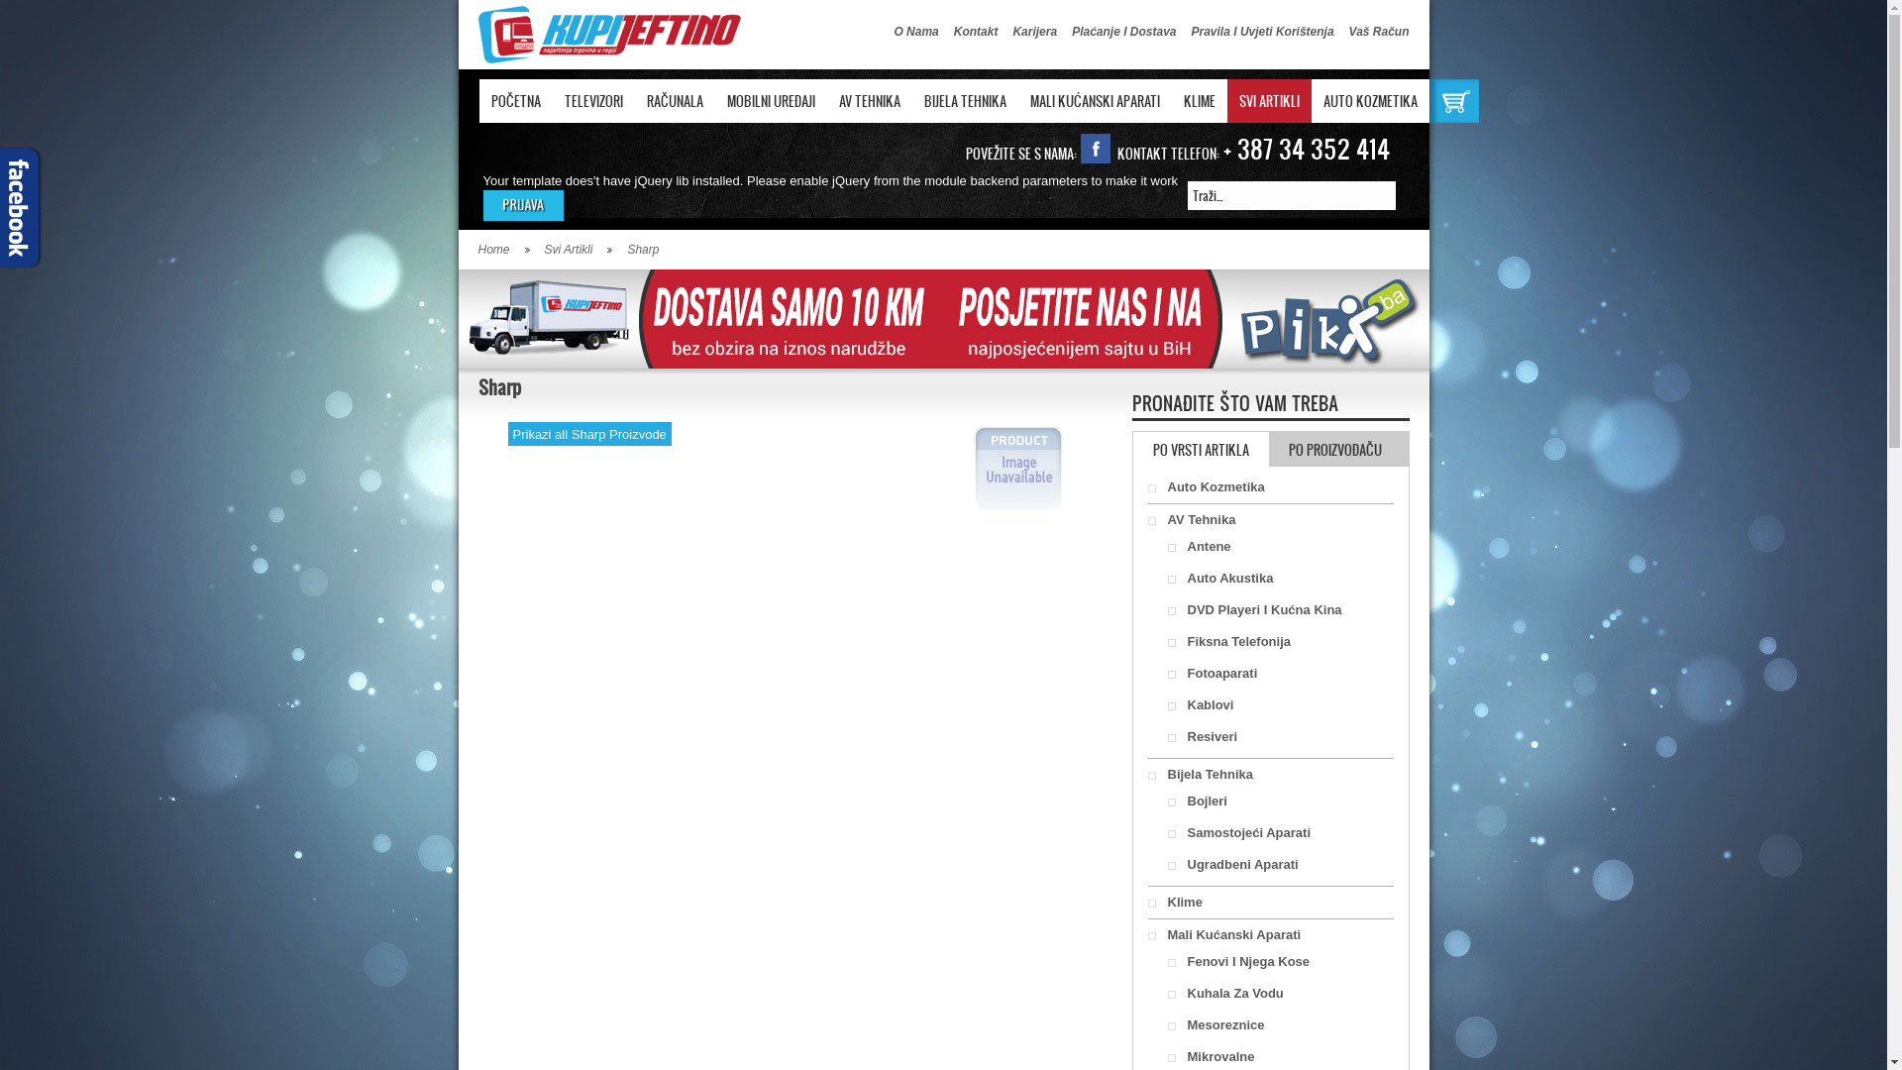  I want to click on 'Ugradbeni Aparati', so click(1279, 863).